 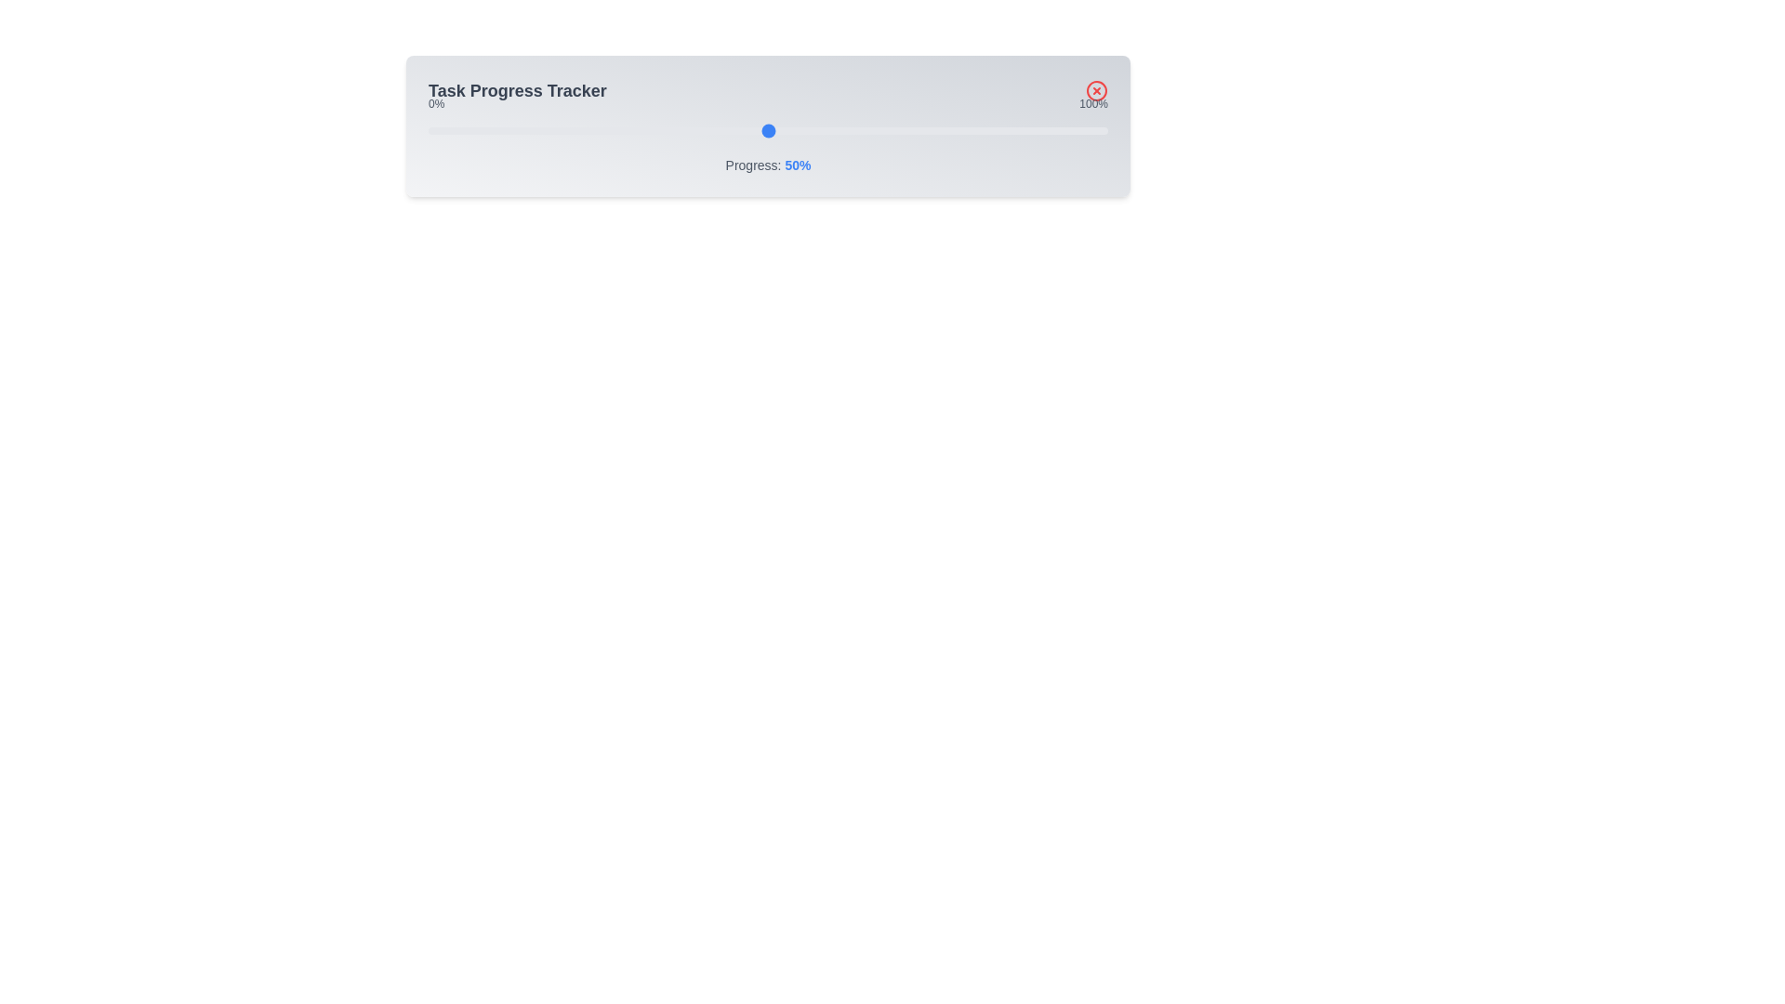 What do you see at coordinates (685, 130) in the screenshot?
I see `the slider` at bounding box center [685, 130].